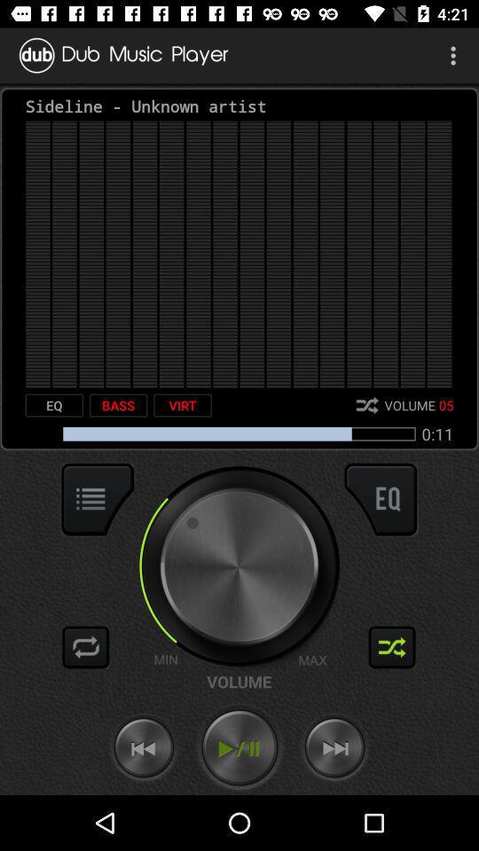  I want to click on the  bass  item, so click(118, 405).